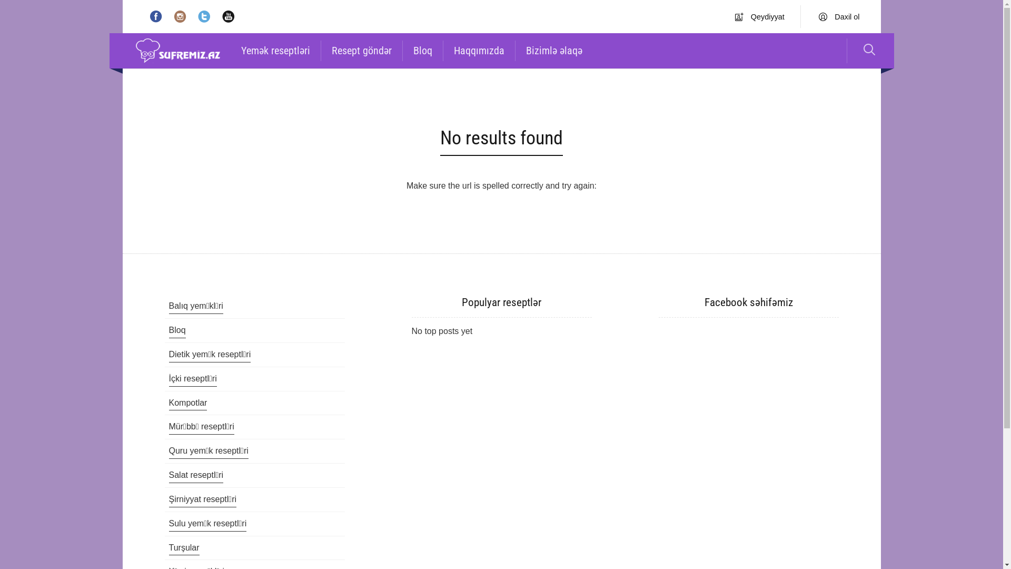  What do you see at coordinates (177, 330) in the screenshot?
I see `'Bloq'` at bounding box center [177, 330].